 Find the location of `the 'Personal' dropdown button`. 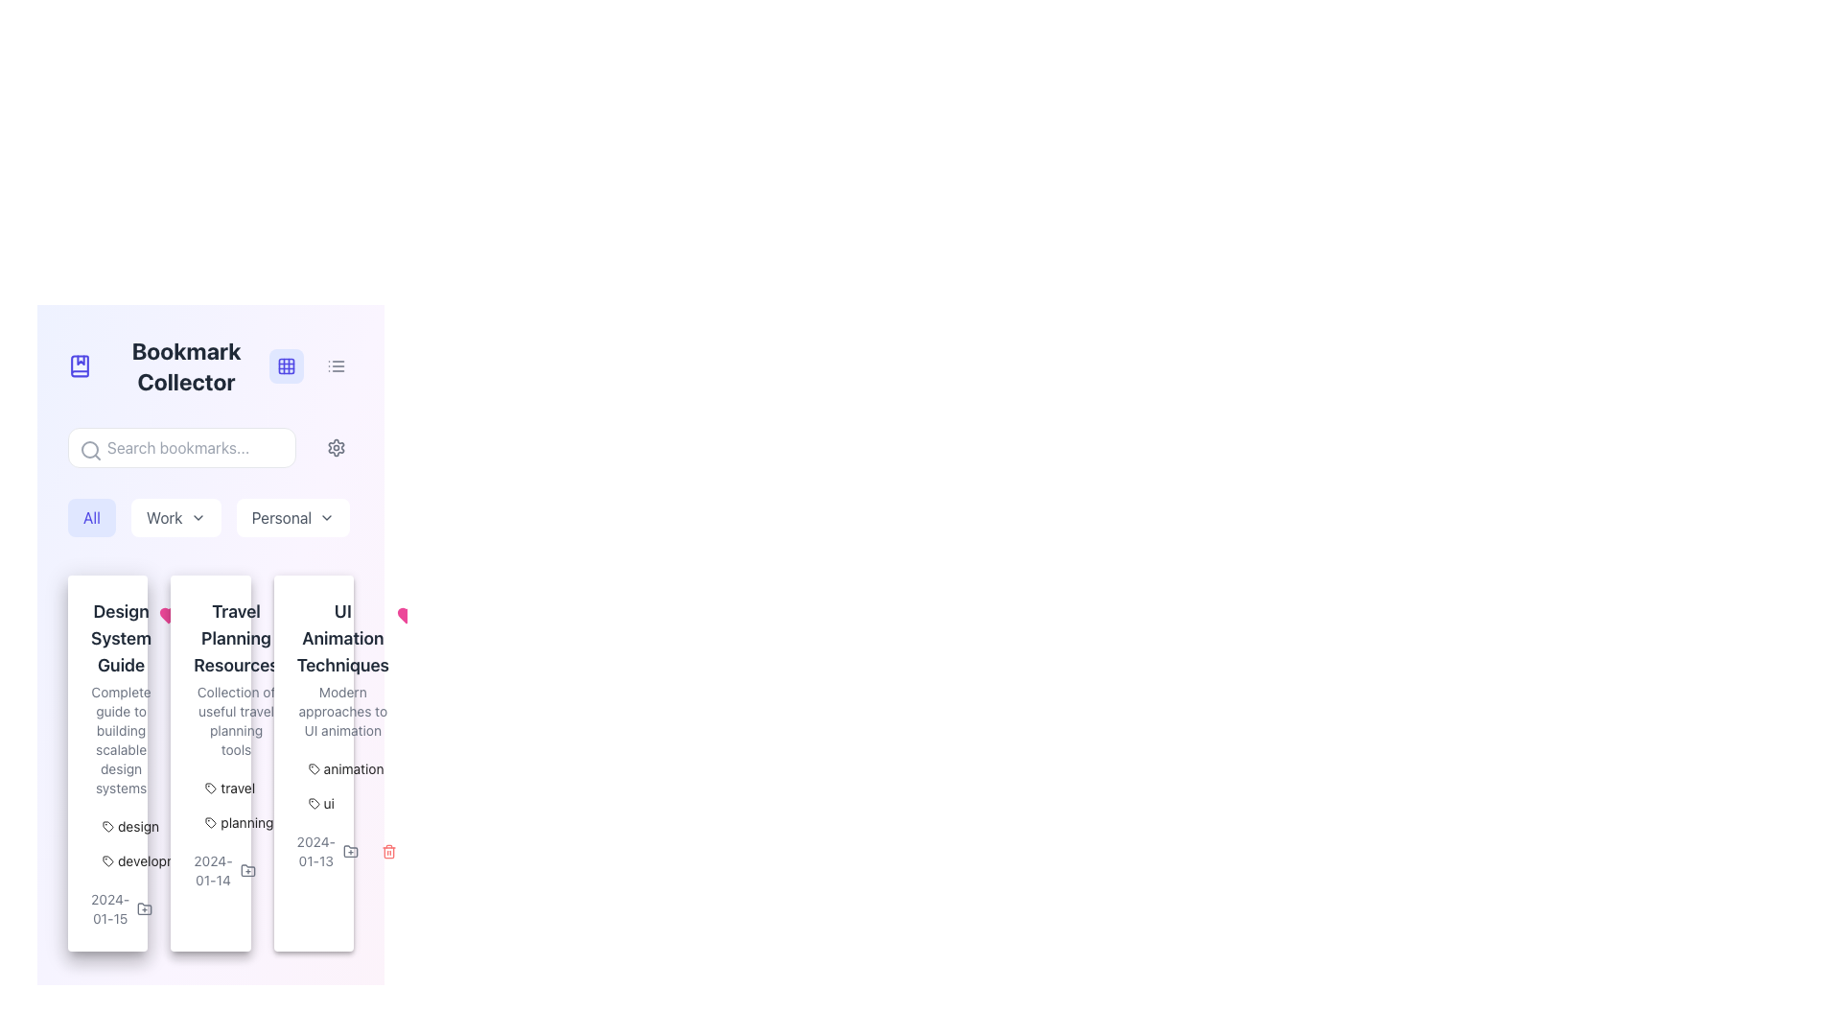

the 'Personal' dropdown button is located at coordinates (291, 518).